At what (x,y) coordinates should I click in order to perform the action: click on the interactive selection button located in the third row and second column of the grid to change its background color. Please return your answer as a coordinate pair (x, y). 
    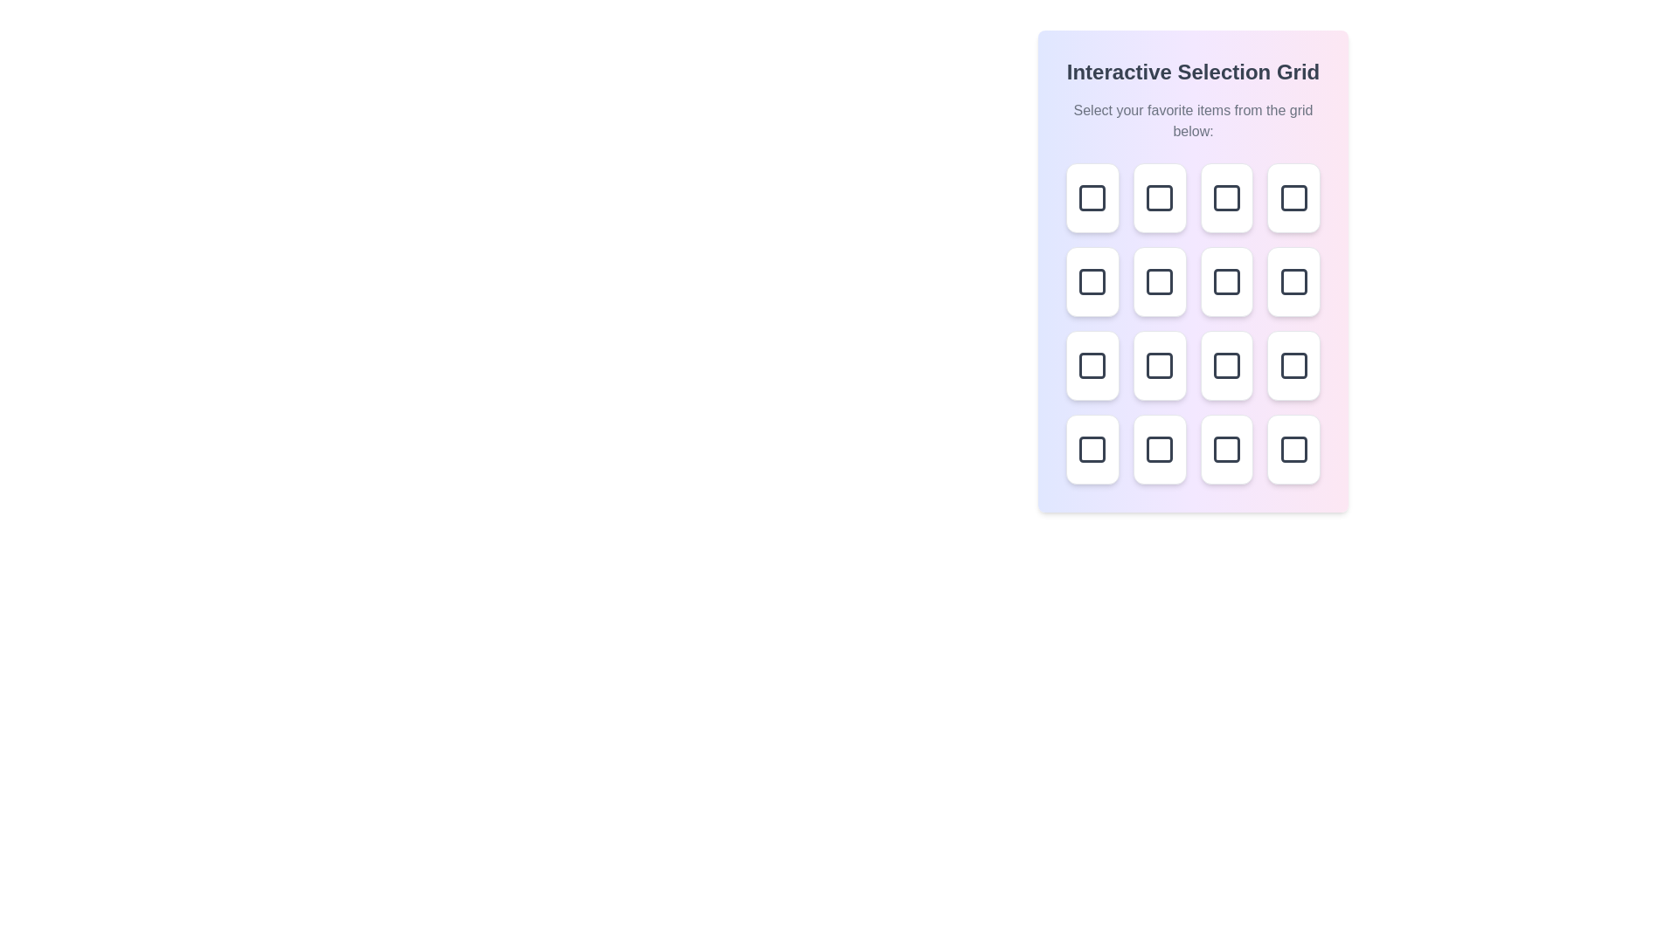
    Looking at the image, I should click on (1160, 365).